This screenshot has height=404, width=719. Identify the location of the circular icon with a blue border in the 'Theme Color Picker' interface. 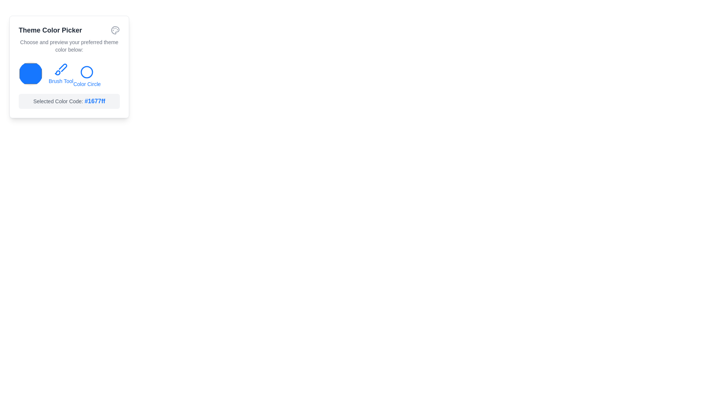
(87, 72).